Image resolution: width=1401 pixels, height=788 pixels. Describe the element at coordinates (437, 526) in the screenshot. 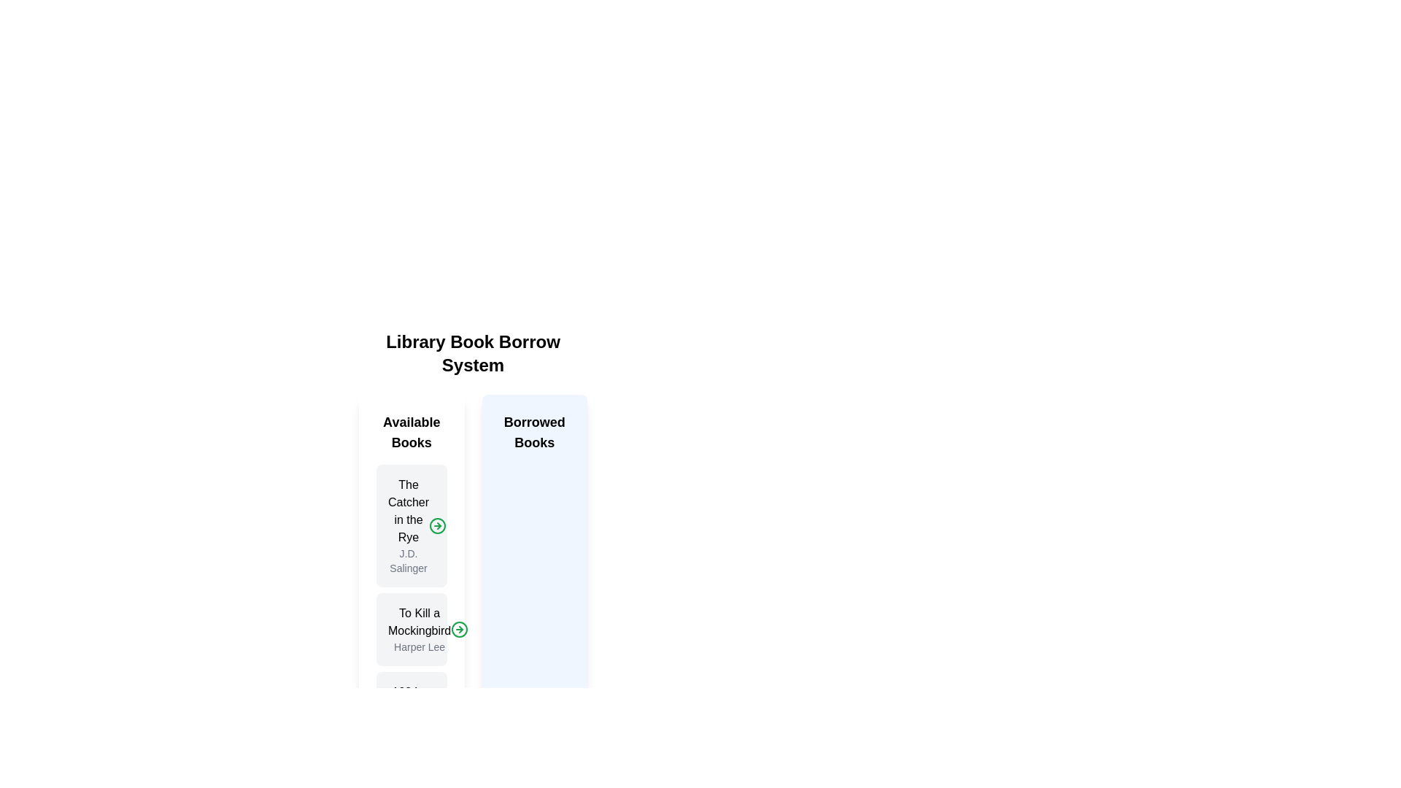

I see `the circular indicator icon for 'The Catcher in the Rye' located in the 'Available Books' section` at that location.